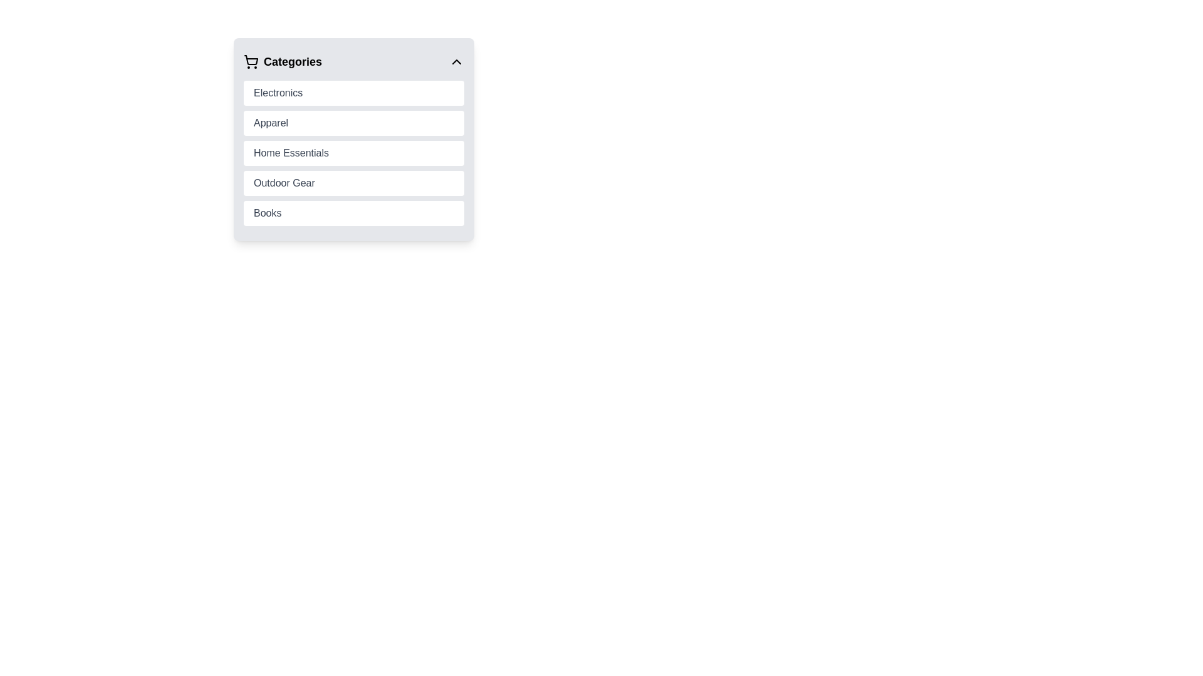  I want to click on the 'Categories' label with a shopping cart icon, so click(282, 62).